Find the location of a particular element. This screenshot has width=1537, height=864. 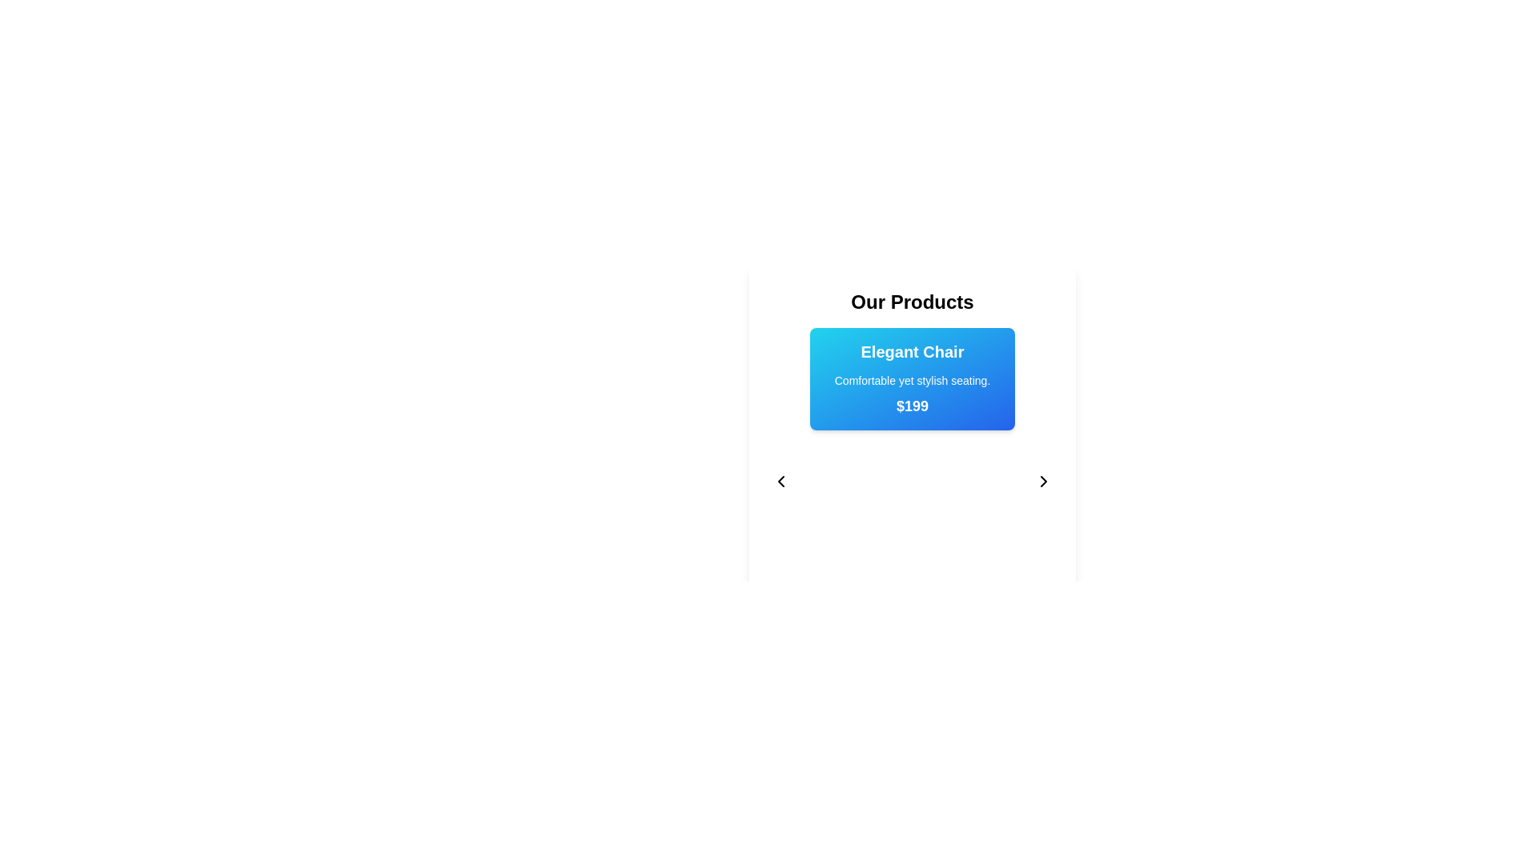

the text element displaying '$199' in bold style, located at the lower part of the card with a gradient background is located at coordinates (912, 406).